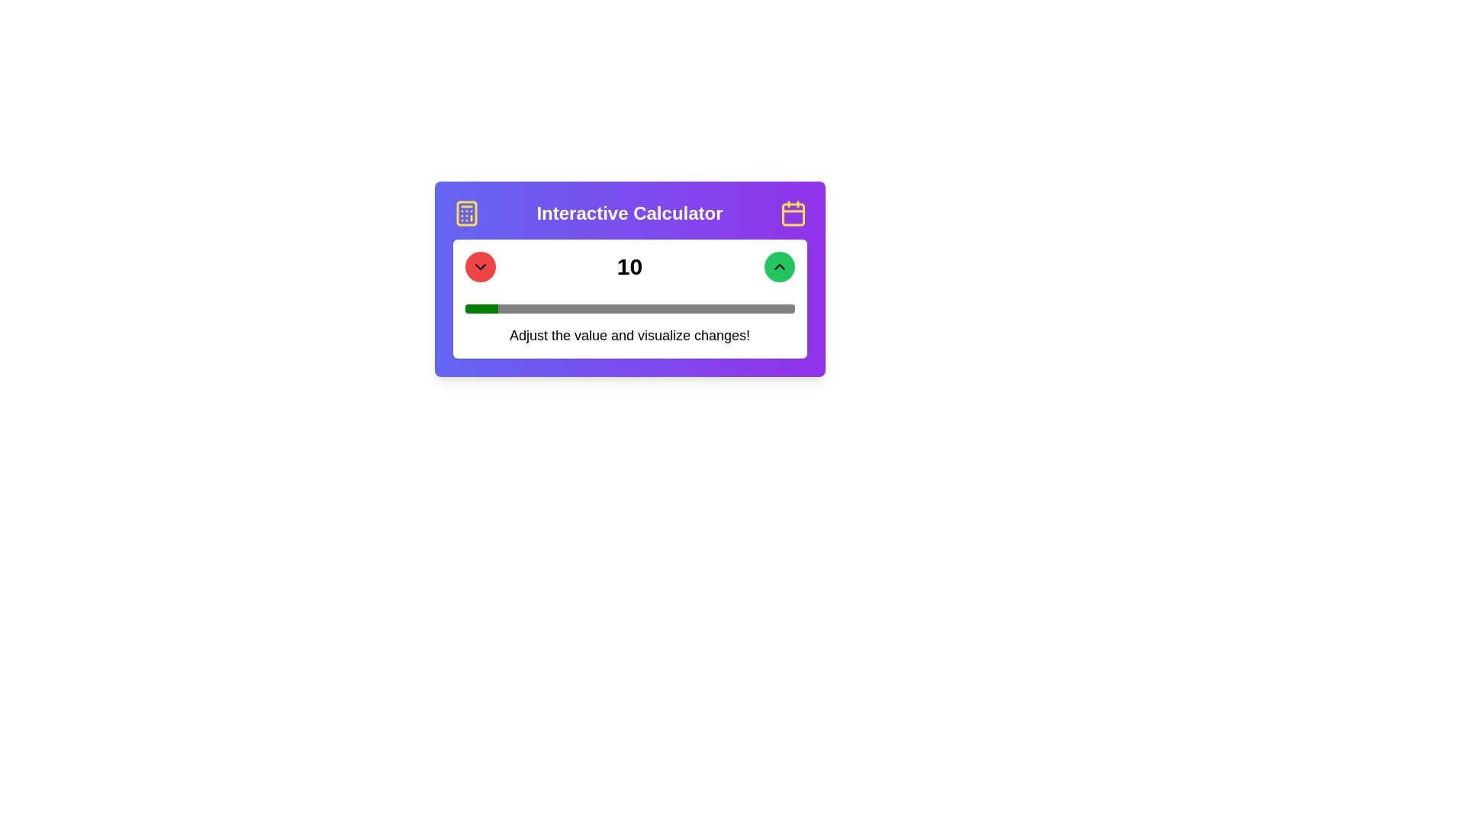 This screenshot has height=824, width=1465. I want to click on the static text display showing the number '10', which is styled with bold and large fonts in black color, so click(629, 266).